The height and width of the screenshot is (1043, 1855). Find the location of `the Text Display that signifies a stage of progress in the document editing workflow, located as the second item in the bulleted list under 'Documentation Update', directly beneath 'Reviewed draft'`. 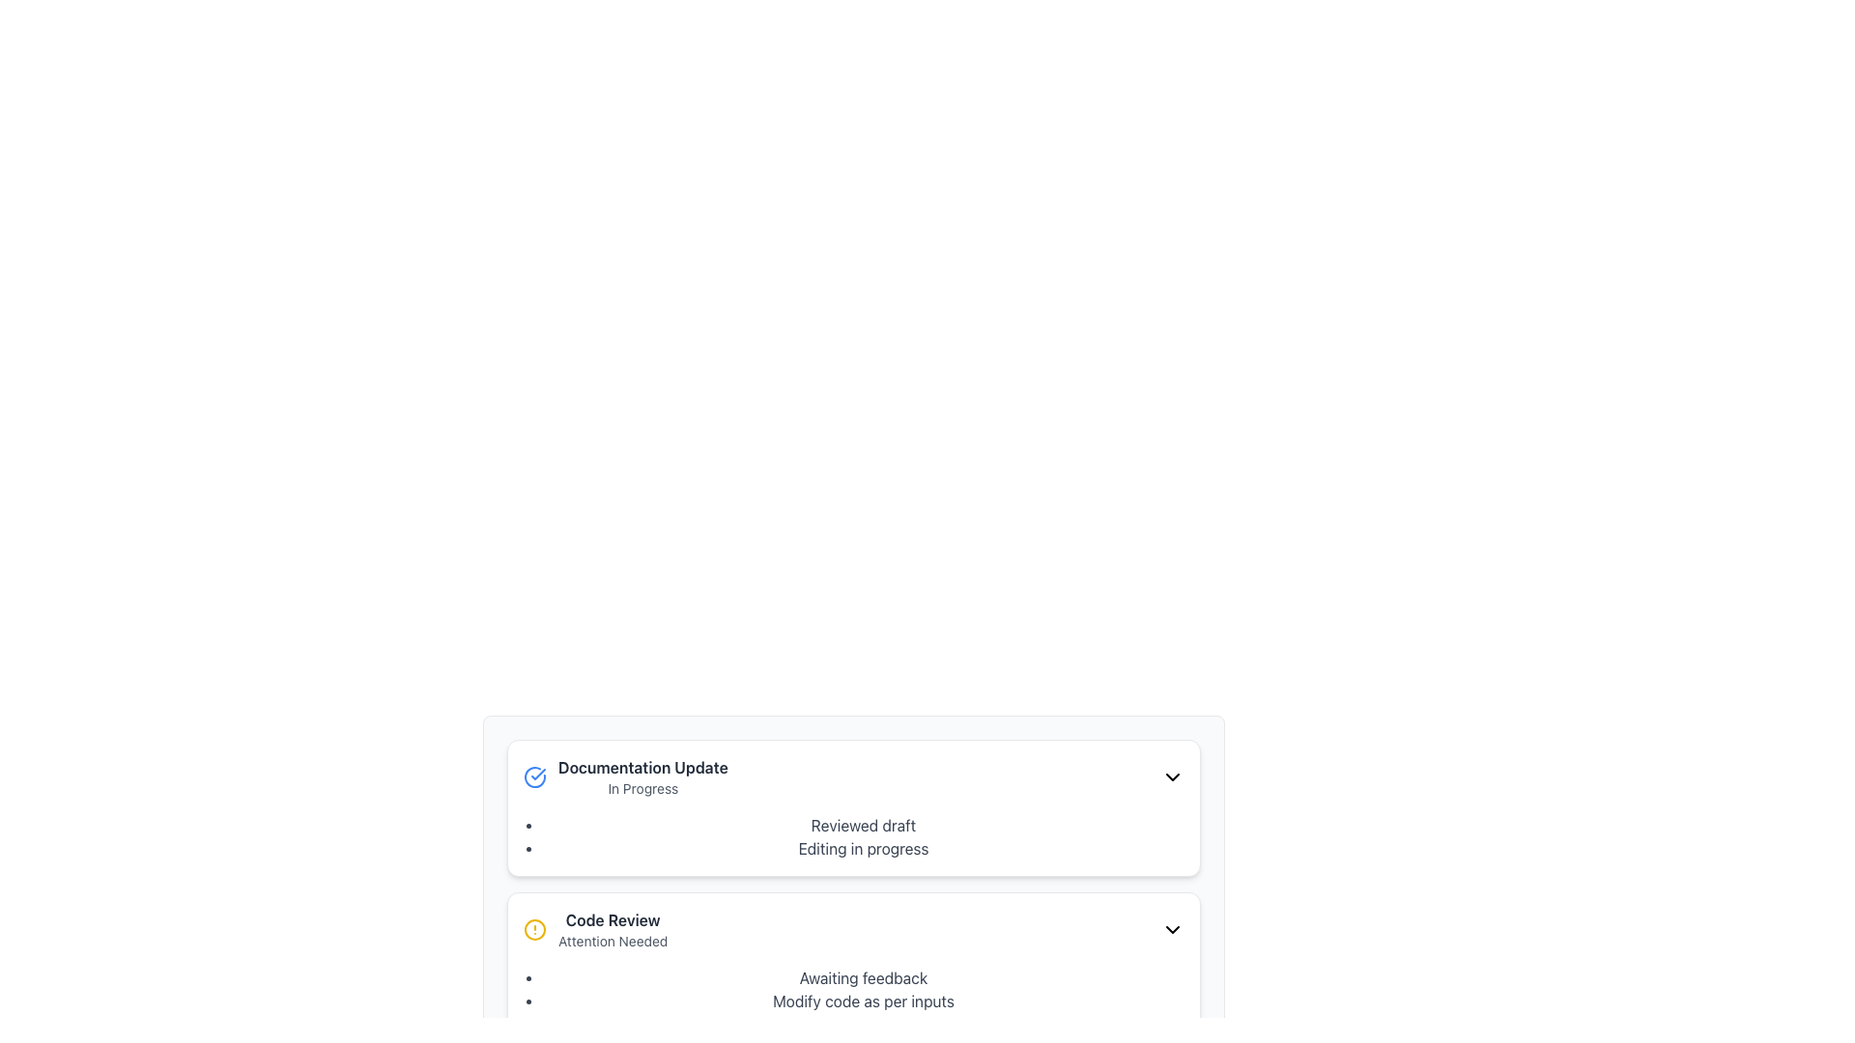

the Text Display that signifies a stage of progress in the document editing workflow, located as the second item in the bulleted list under 'Documentation Update', directly beneath 'Reviewed draft' is located at coordinates (862, 848).